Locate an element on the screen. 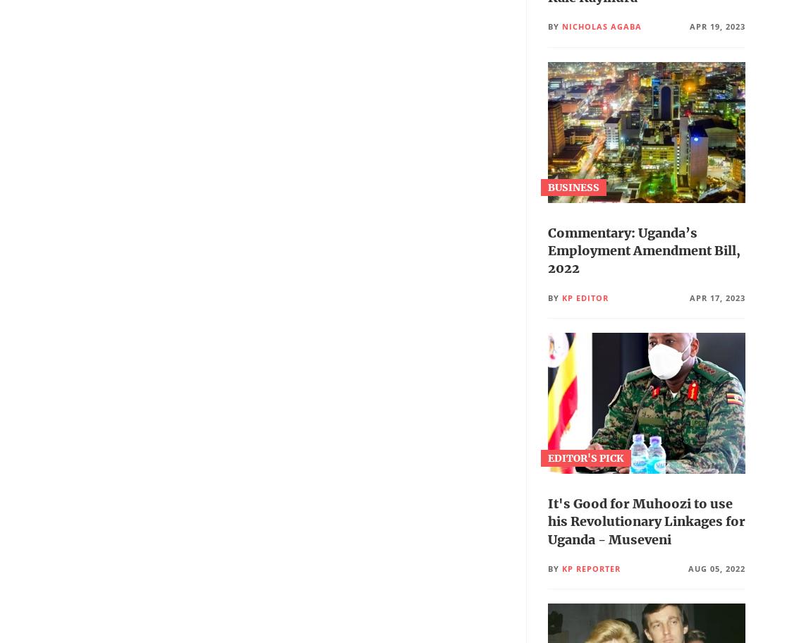 This screenshot has width=811, height=643. 'Kp Reporter' is located at coordinates (590, 567).